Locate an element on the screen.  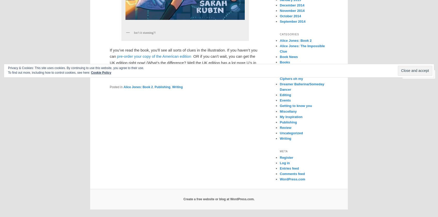
'Editing' is located at coordinates (280, 95).